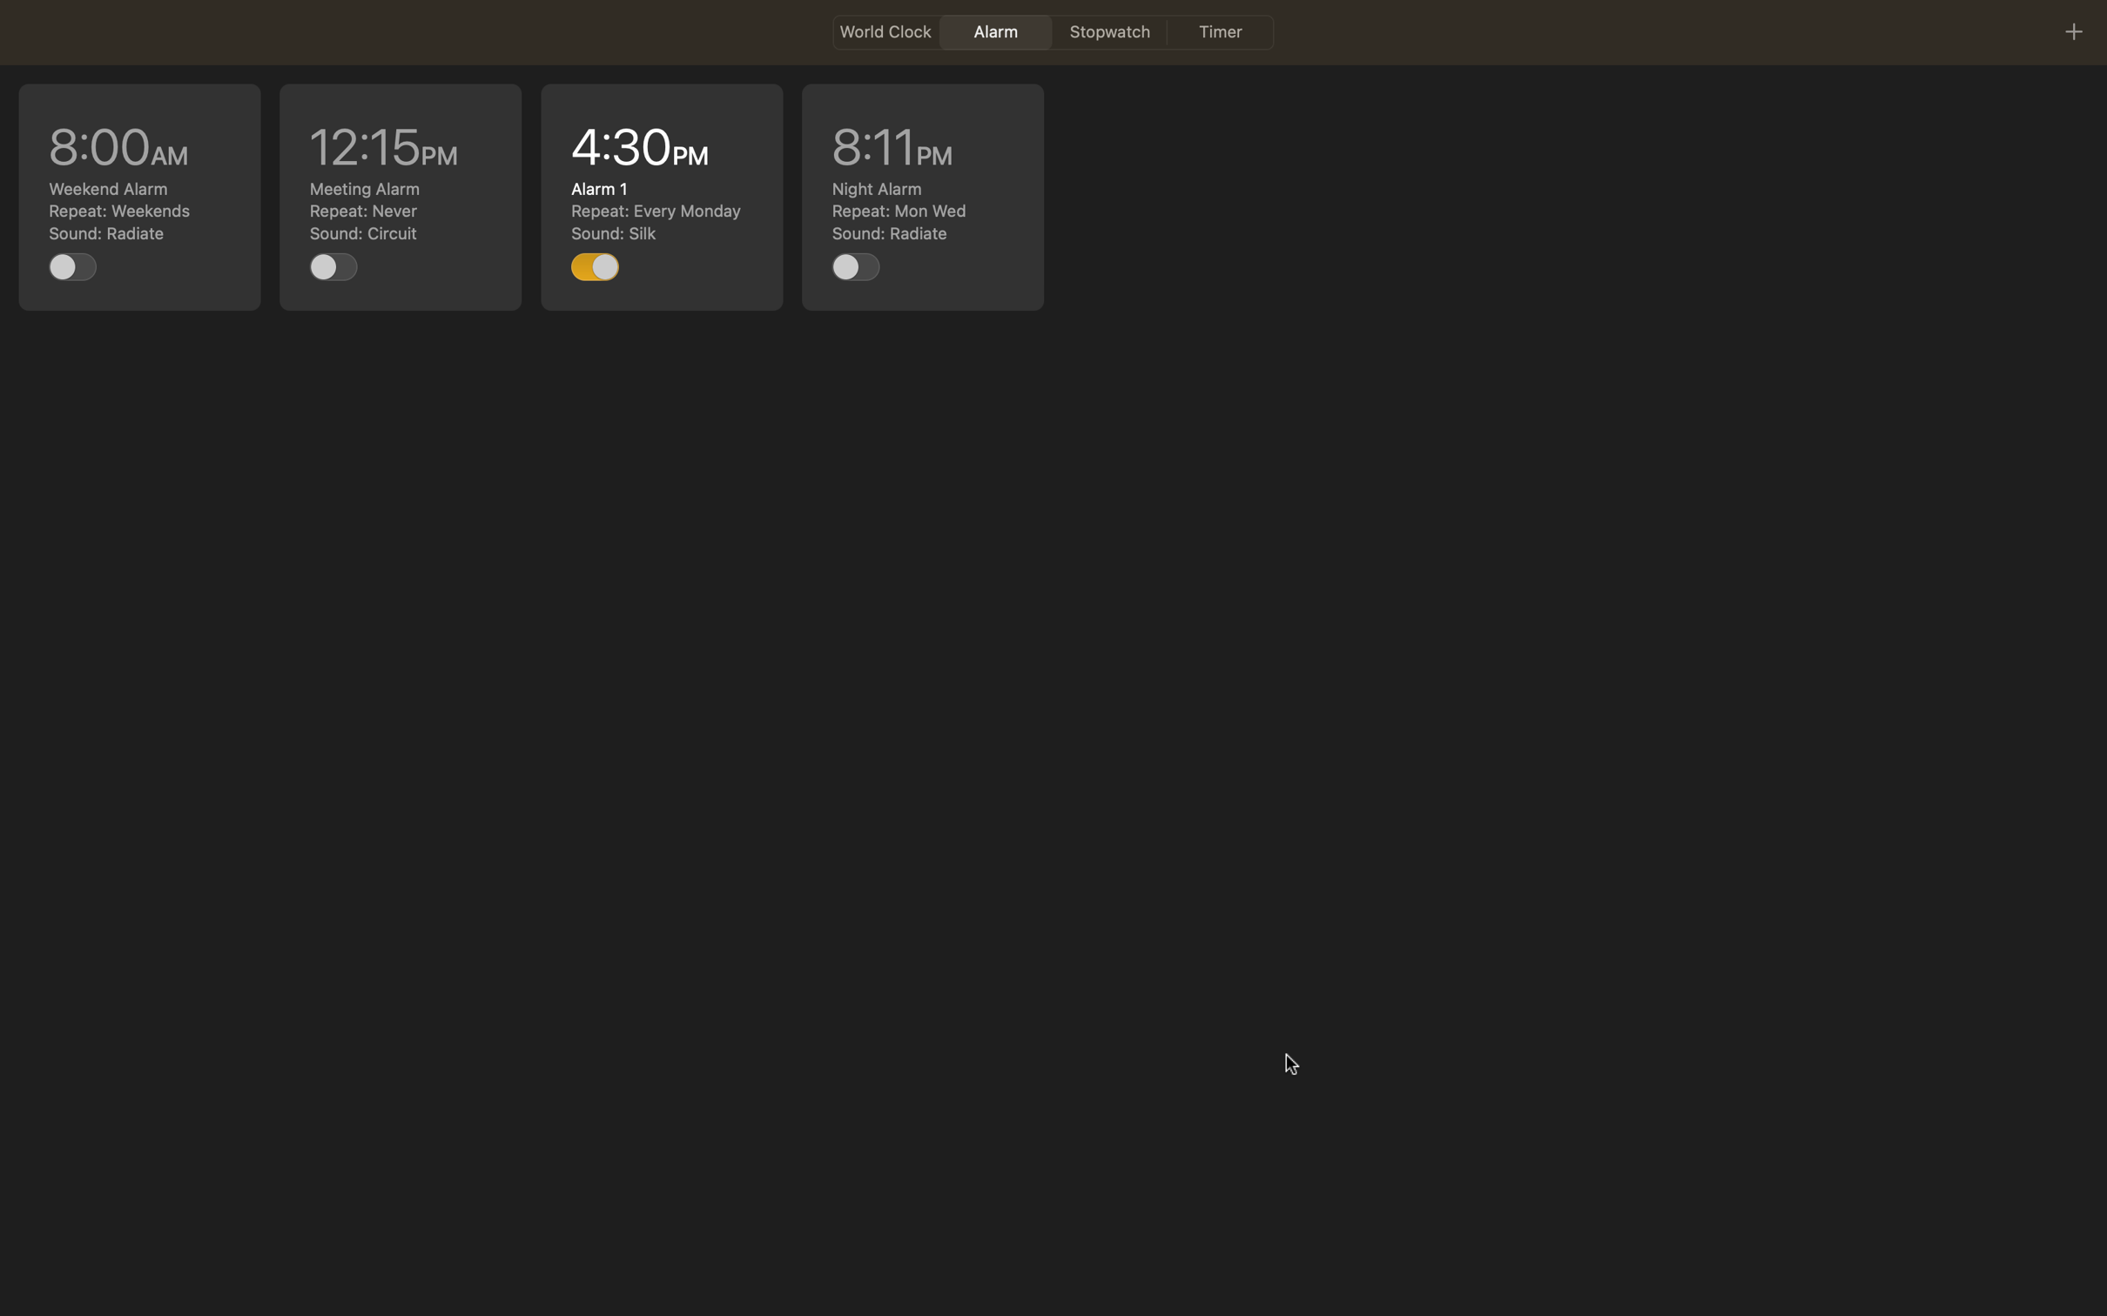 The image size is (2107, 1316). Describe the element at coordinates (401, 196) in the screenshot. I see `edit the 12pm alarm` at that location.